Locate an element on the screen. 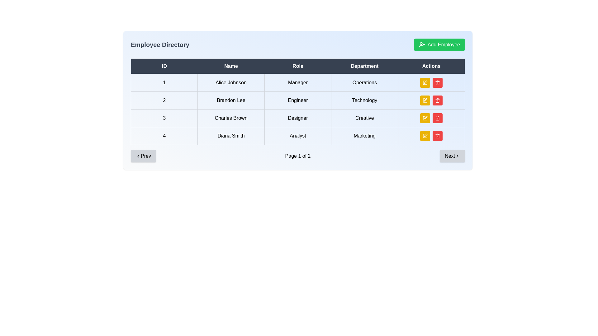  the edit icon, which is a small thin outline button resembling a tool, located in the Actions column for the first row (ID 1: Alice Johnson) is located at coordinates (425, 82).